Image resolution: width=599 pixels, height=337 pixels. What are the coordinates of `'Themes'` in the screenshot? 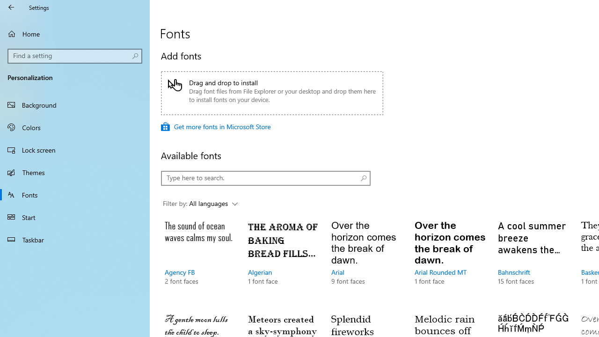 It's located at (75, 172).